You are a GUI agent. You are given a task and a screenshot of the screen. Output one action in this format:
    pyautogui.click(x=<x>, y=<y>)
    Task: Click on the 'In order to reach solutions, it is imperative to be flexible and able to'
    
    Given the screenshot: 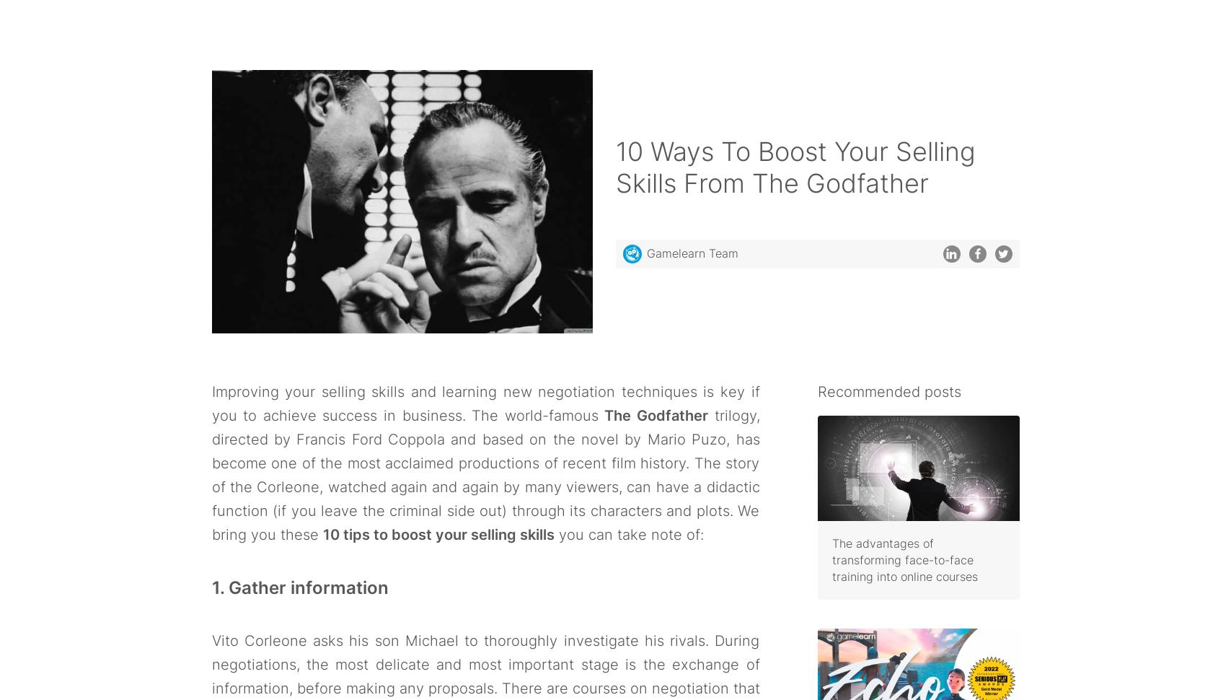 What is the action you would take?
    pyautogui.click(x=455, y=60)
    